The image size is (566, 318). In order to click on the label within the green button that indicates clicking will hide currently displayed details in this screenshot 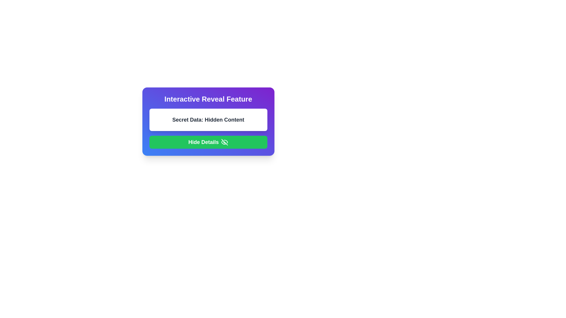, I will do `click(203, 142)`.